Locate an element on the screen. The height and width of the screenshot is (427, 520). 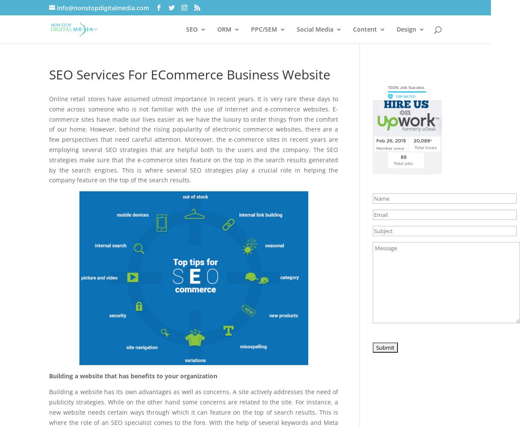
'Local SEO' is located at coordinates (217, 61).